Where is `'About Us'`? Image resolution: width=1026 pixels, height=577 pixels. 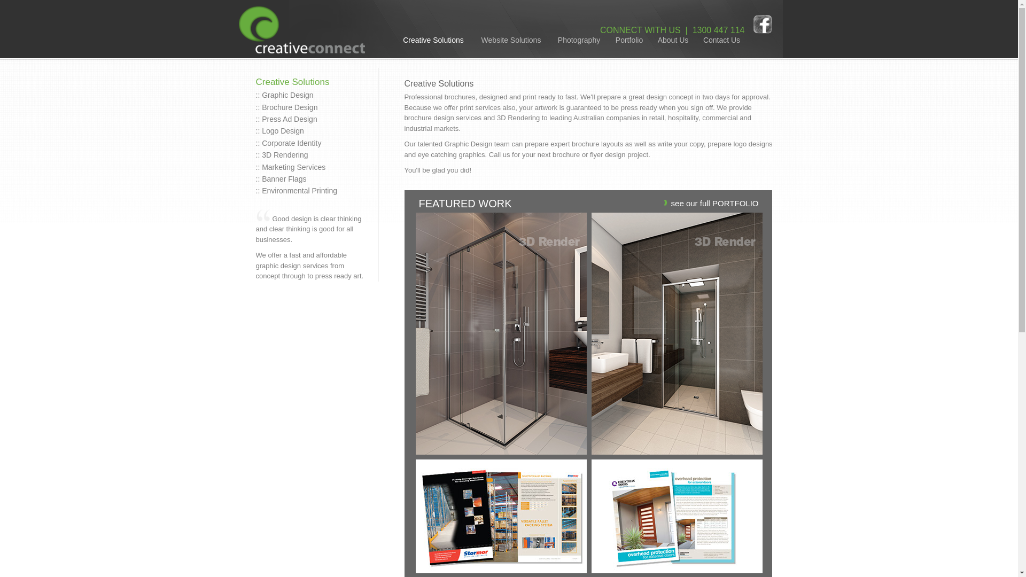
'About Us' is located at coordinates (672, 40).